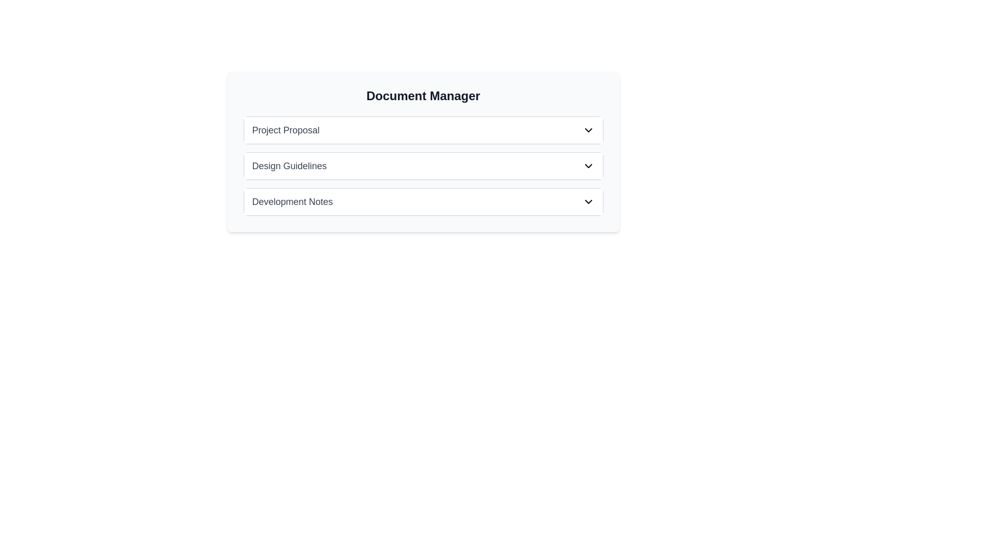 The width and height of the screenshot is (981, 552). Describe the element at coordinates (423, 165) in the screenshot. I see `the 'Design Guidelines' dropdown trigger row, which is the second entry under 'Document Manager'` at that location.